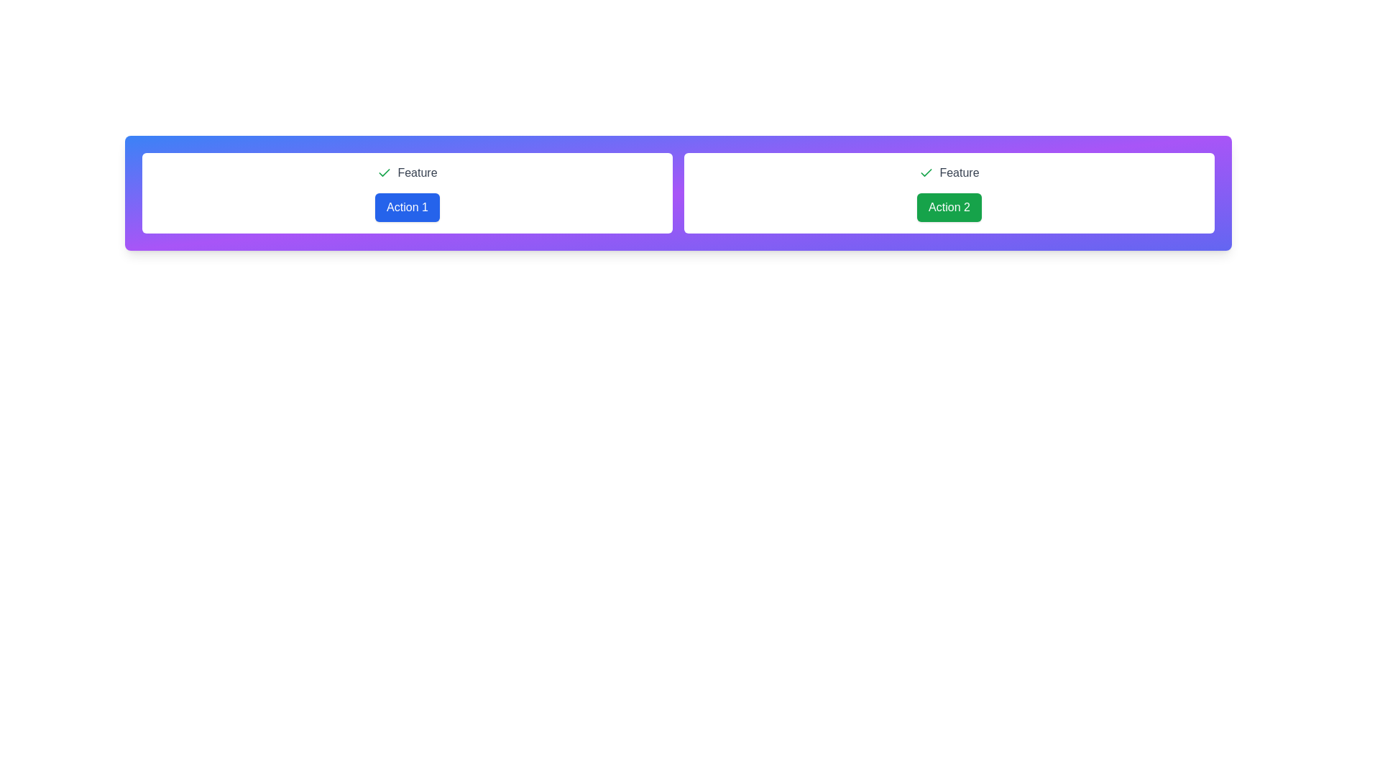 This screenshot has width=1380, height=776. What do you see at coordinates (406, 208) in the screenshot?
I see `the 'Action 1' button` at bounding box center [406, 208].